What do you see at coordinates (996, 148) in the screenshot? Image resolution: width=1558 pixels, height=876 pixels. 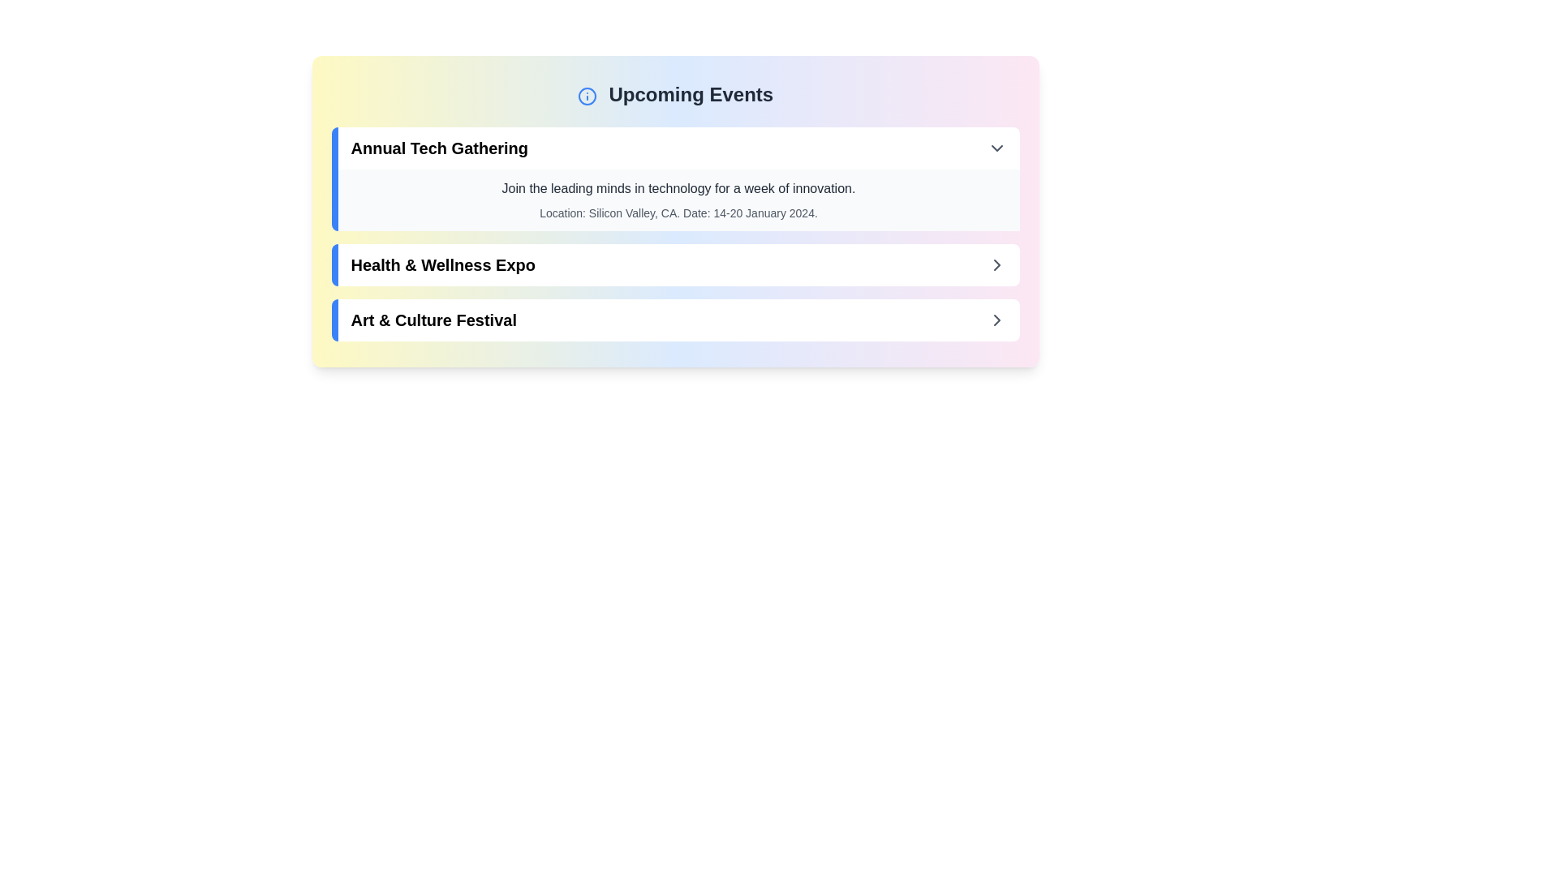 I see `the Icon Button in the header of the 'Annual Tech Gathering' event card` at bounding box center [996, 148].